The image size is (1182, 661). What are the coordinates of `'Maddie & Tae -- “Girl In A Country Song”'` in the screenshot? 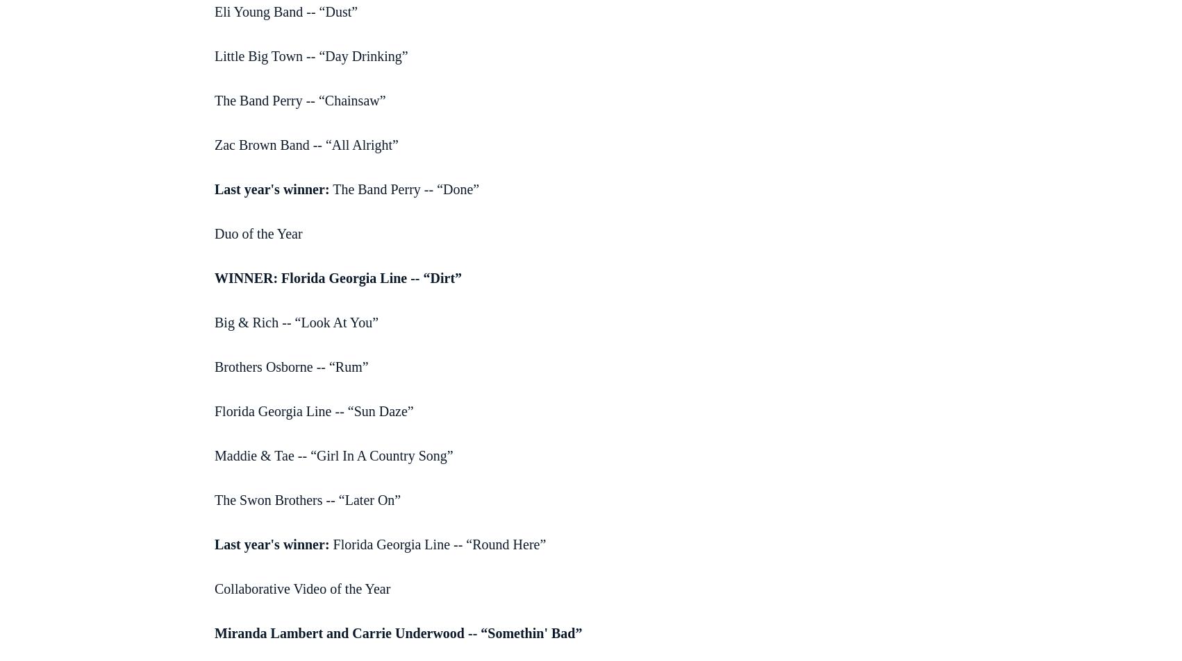 It's located at (333, 455).